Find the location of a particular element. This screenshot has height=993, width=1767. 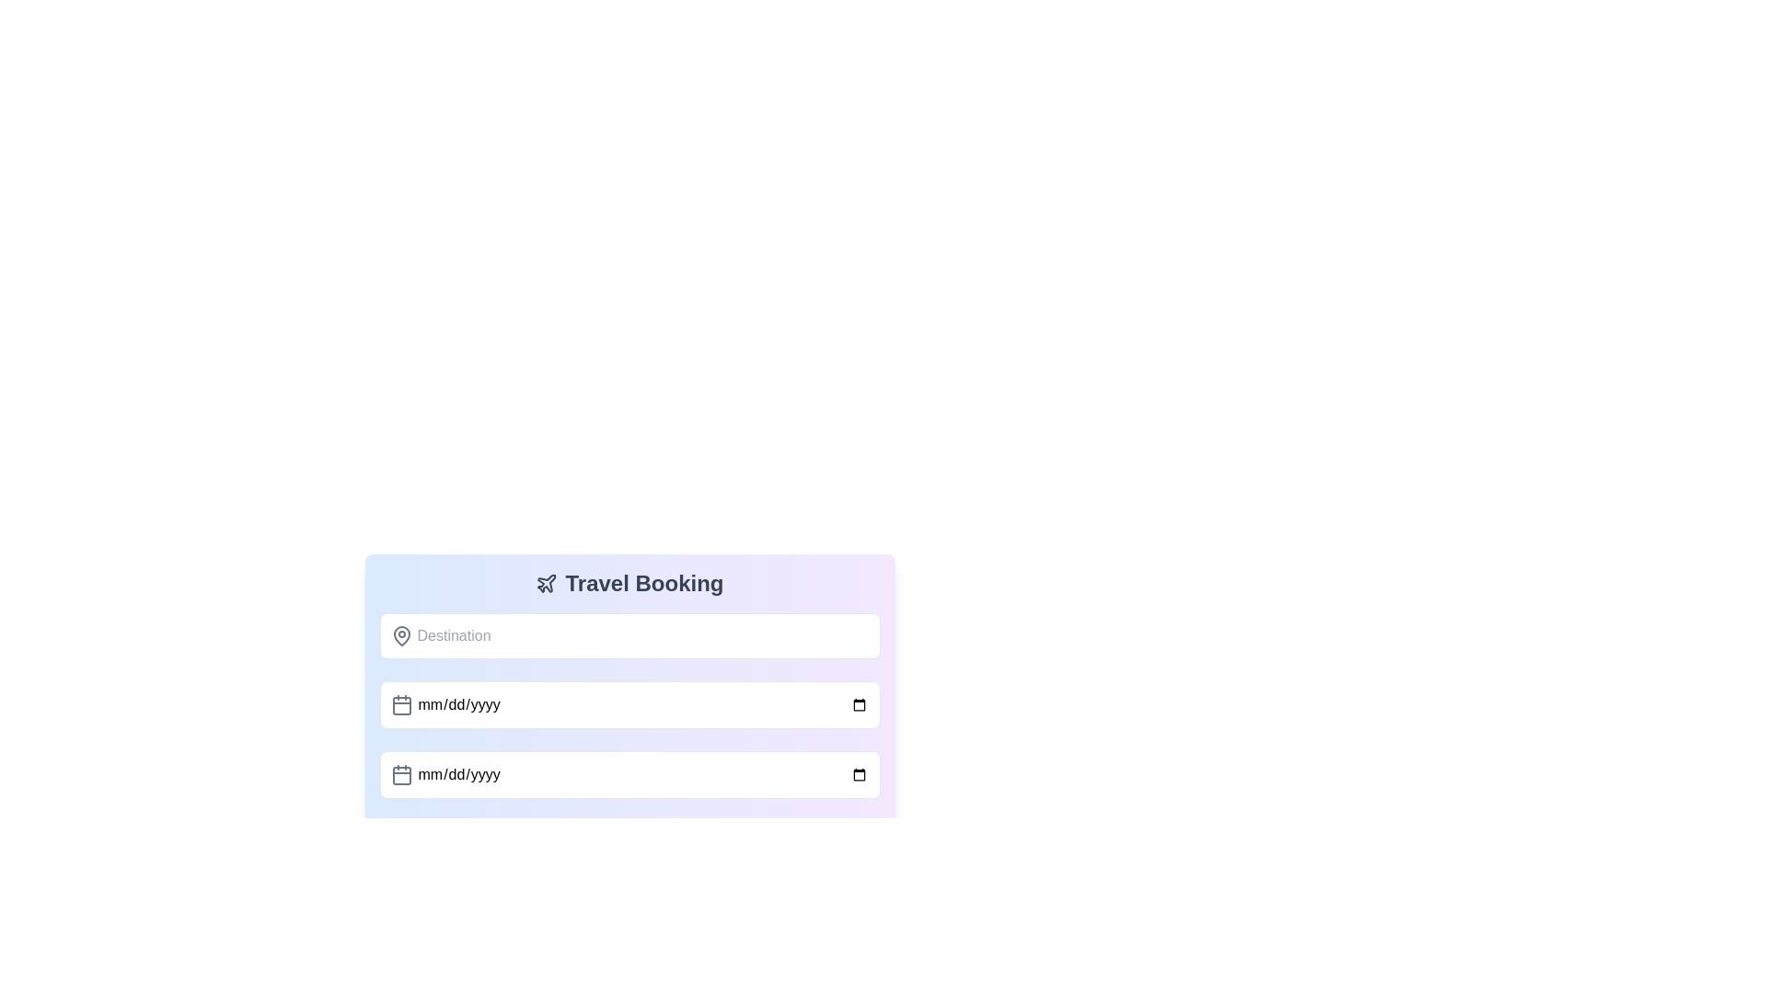

a date from the calendar popup in the date input field located under the 'Travel Booking' heading, which is the third input field in the form layout is located at coordinates (629, 775).